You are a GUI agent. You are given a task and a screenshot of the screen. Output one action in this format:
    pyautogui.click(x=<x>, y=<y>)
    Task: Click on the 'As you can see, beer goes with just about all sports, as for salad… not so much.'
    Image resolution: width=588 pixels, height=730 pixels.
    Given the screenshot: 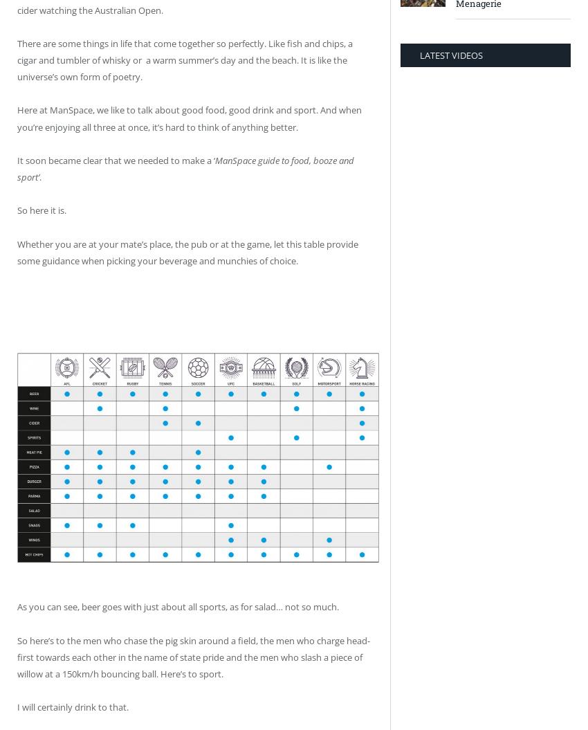 What is the action you would take?
    pyautogui.click(x=177, y=607)
    